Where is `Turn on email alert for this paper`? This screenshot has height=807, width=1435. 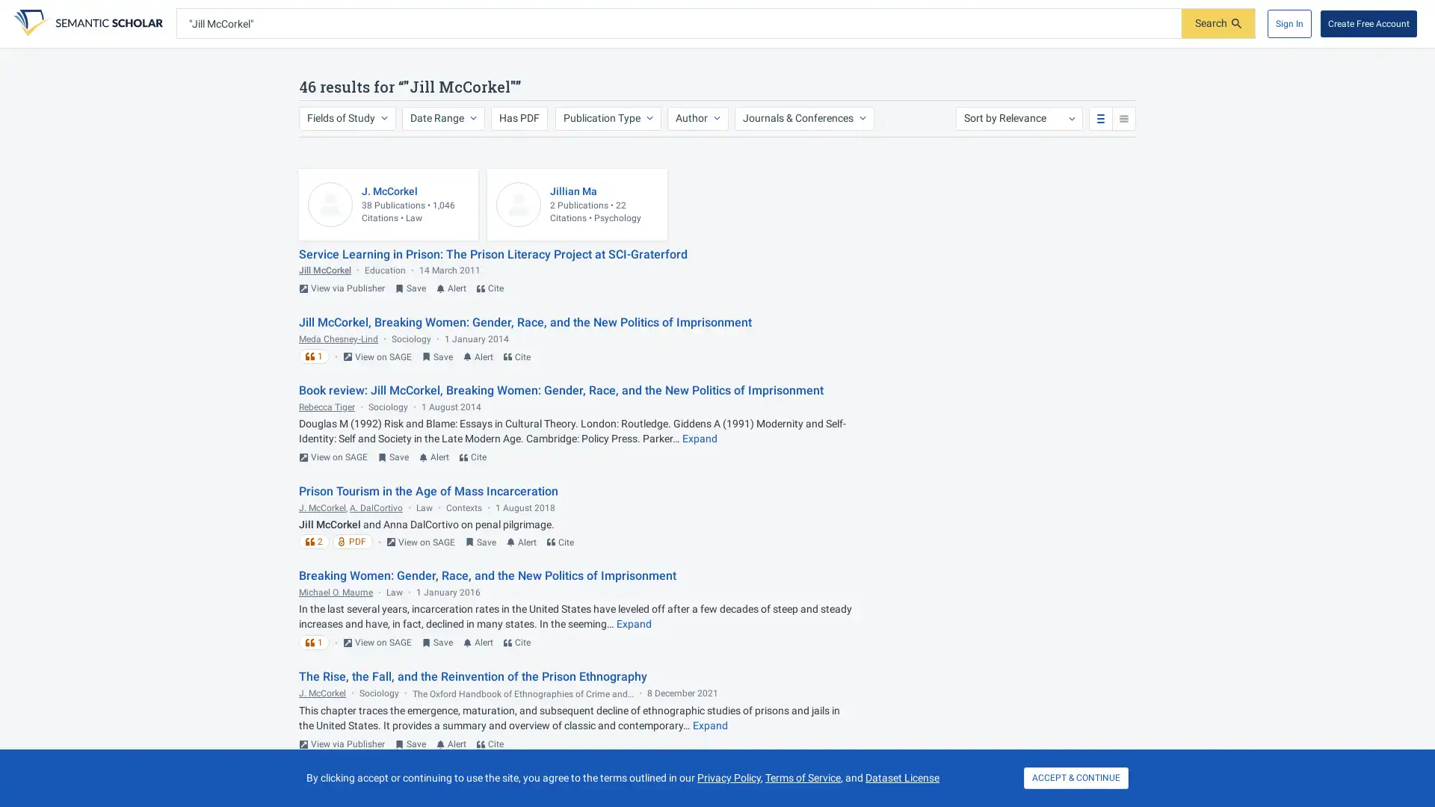 Turn on email alert for this paper is located at coordinates (433, 457).